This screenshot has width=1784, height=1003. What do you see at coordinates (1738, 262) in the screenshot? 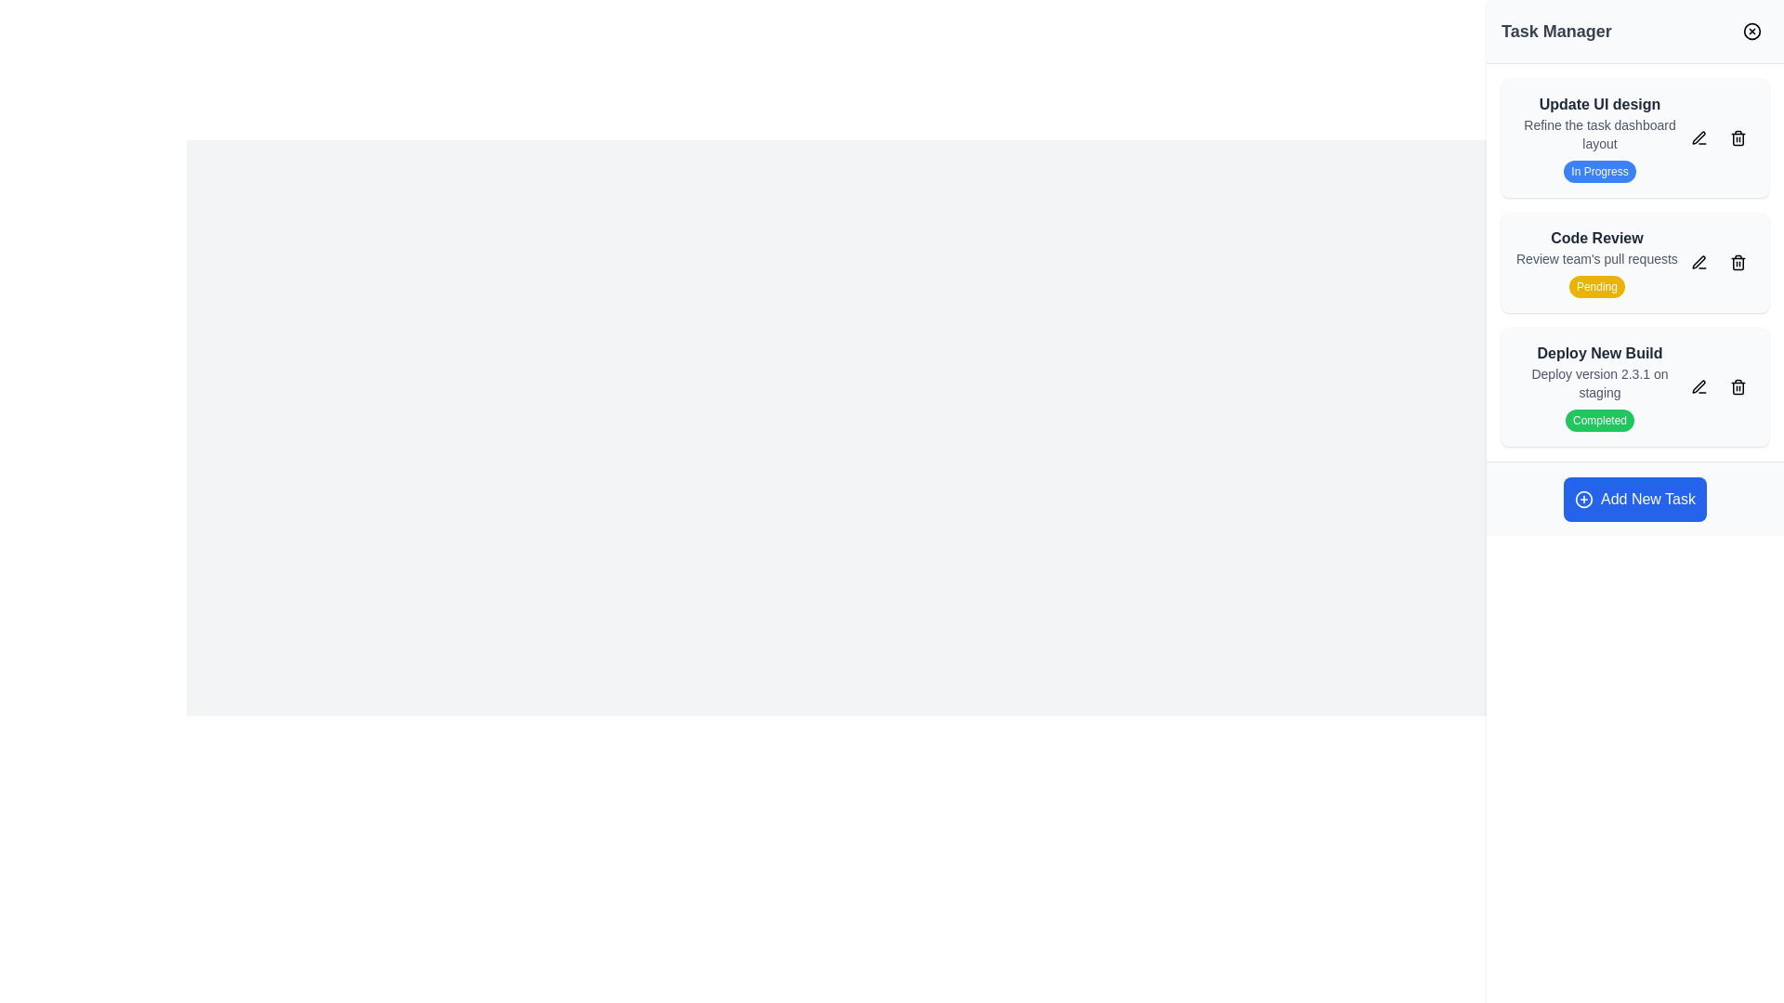
I see `the trash icon button located in the 'Code Review' row` at bounding box center [1738, 262].